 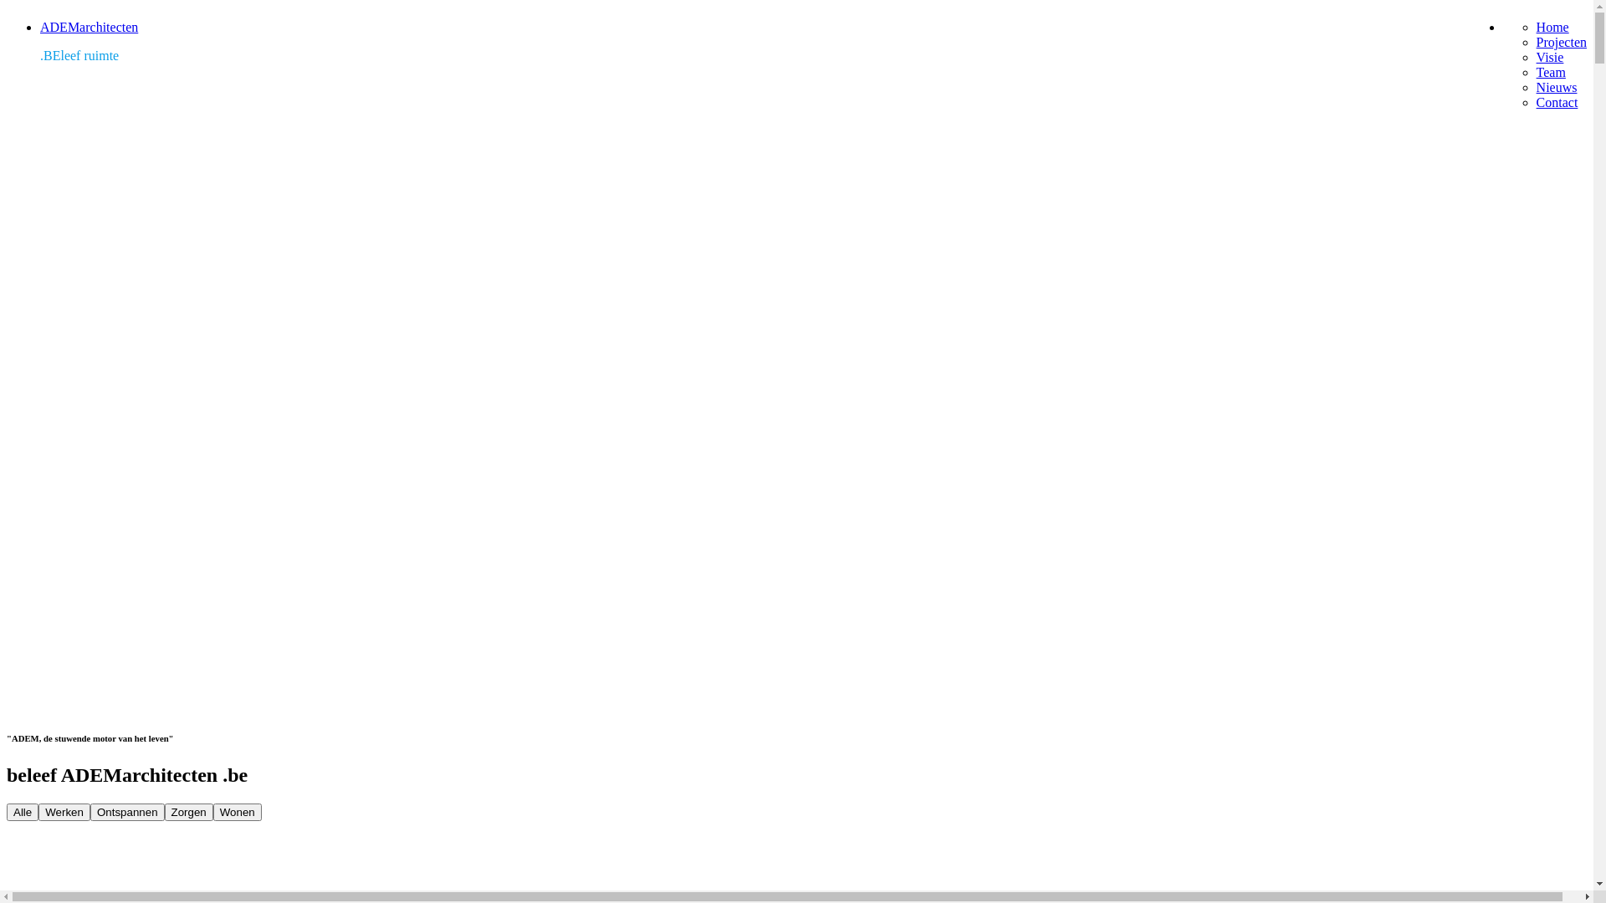 I want to click on 'Wonen', so click(x=212, y=811).